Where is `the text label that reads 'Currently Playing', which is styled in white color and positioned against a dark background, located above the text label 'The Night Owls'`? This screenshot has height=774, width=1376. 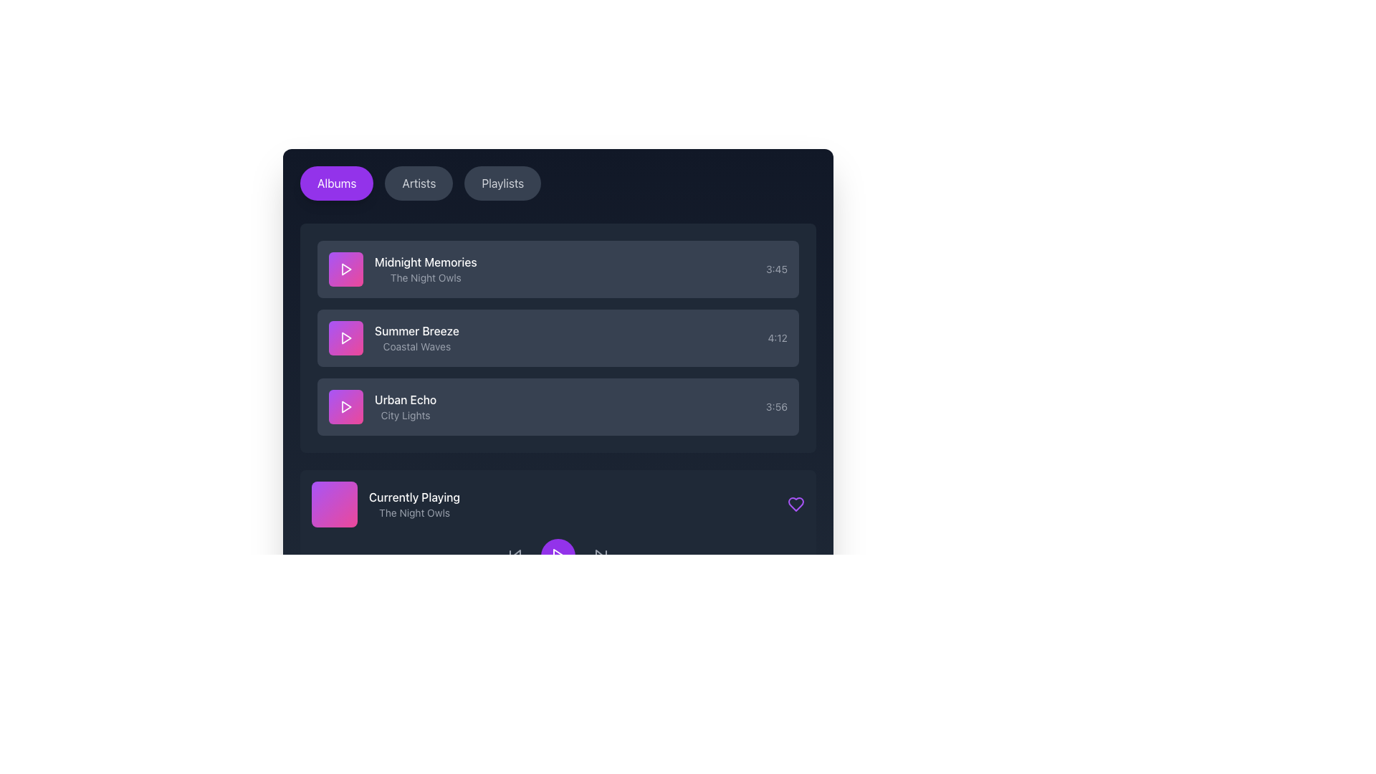 the text label that reads 'Currently Playing', which is styled in white color and positioned against a dark background, located above the text label 'The Night Owls' is located at coordinates (414, 497).